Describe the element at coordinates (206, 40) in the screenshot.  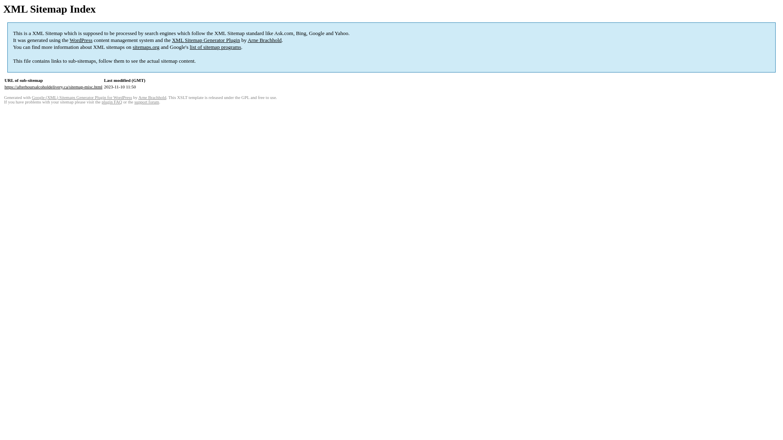
I see `'XML Sitemap Generator Plugin'` at that location.